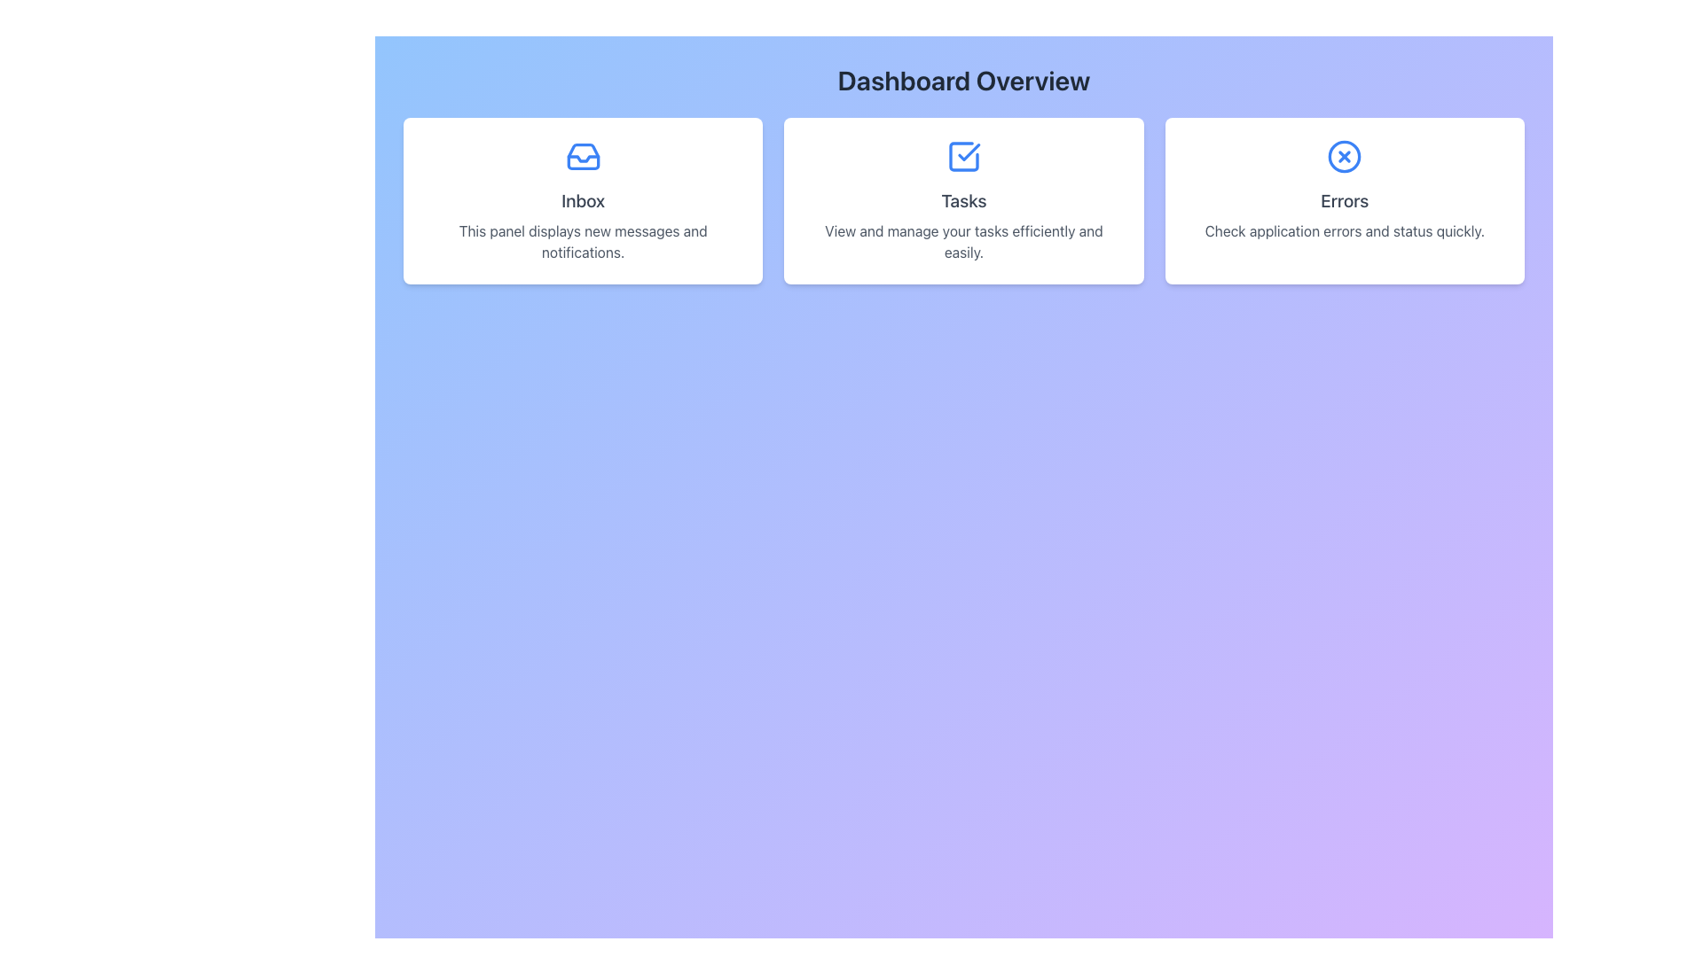 The image size is (1703, 957). I want to click on the error icon located in the 'Errors' card within the dashboard overview layout, so click(1345, 156).